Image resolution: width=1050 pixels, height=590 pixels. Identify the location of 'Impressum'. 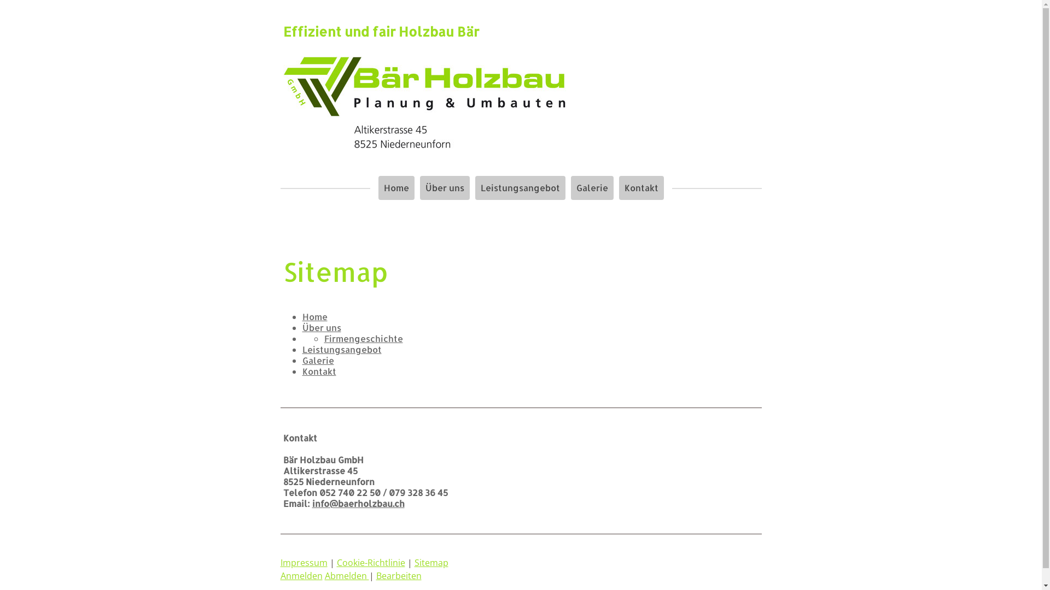
(304, 562).